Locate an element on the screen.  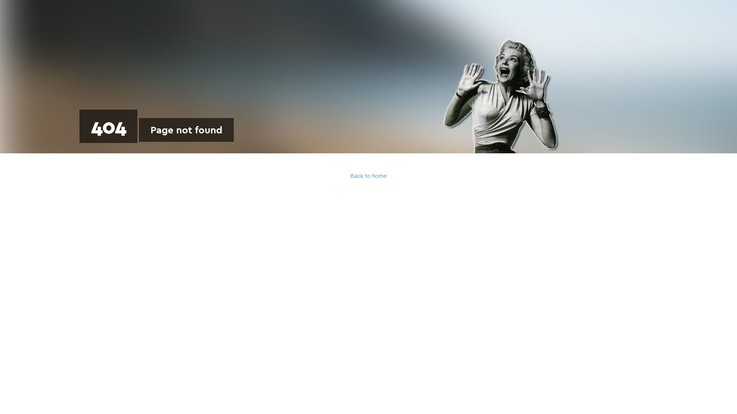
'Back to home' is located at coordinates (368, 176).